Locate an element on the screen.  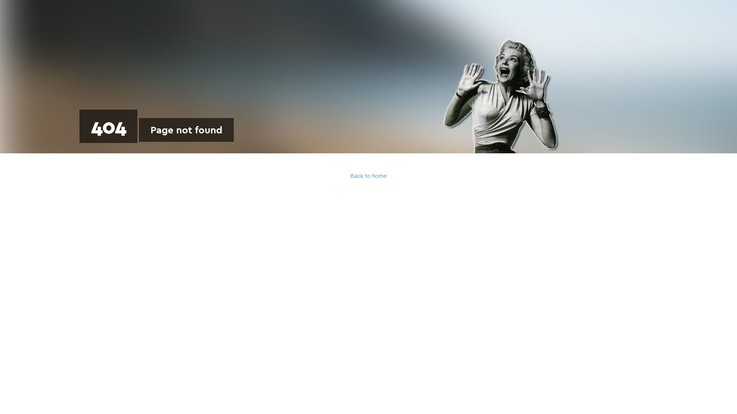
'Back to home' is located at coordinates (368, 176).